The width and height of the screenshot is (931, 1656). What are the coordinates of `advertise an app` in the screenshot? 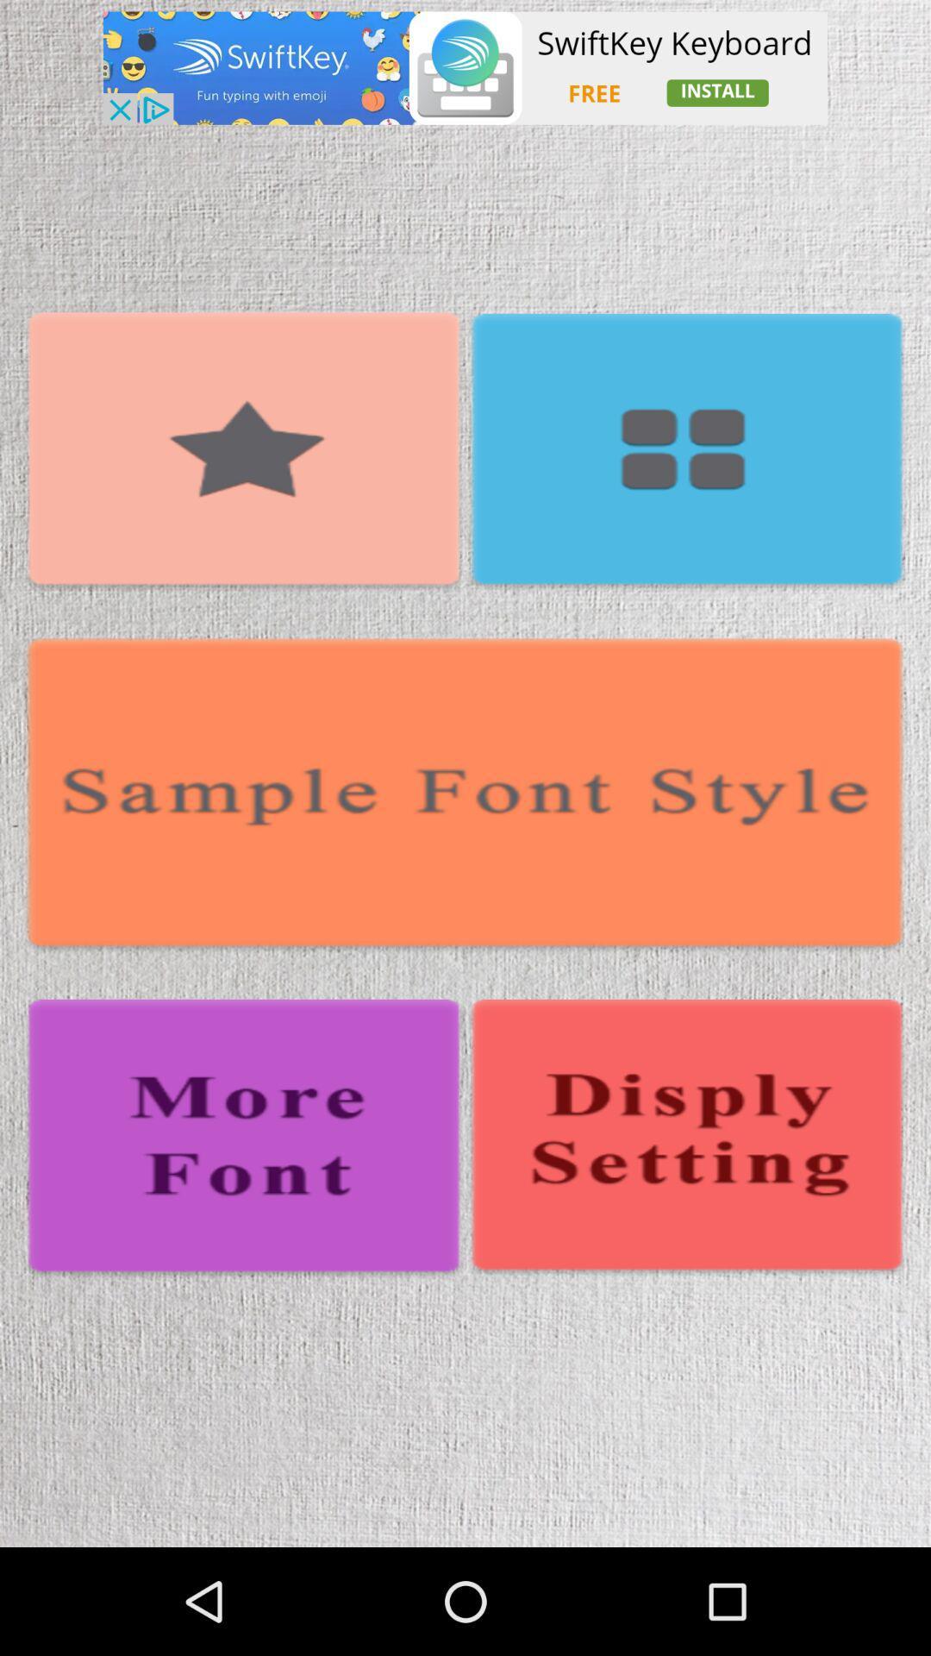 It's located at (465, 68).